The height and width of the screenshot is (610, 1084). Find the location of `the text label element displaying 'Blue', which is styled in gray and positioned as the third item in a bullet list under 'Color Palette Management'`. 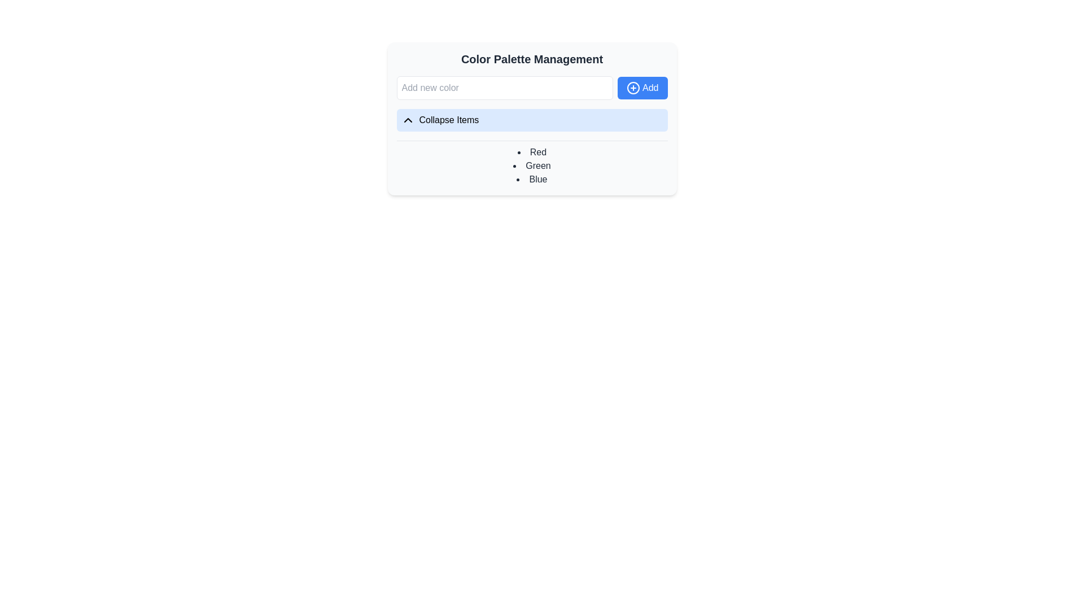

the text label element displaying 'Blue', which is styled in gray and positioned as the third item in a bullet list under 'Color Palette Management' is located at coordinates (531, 178).